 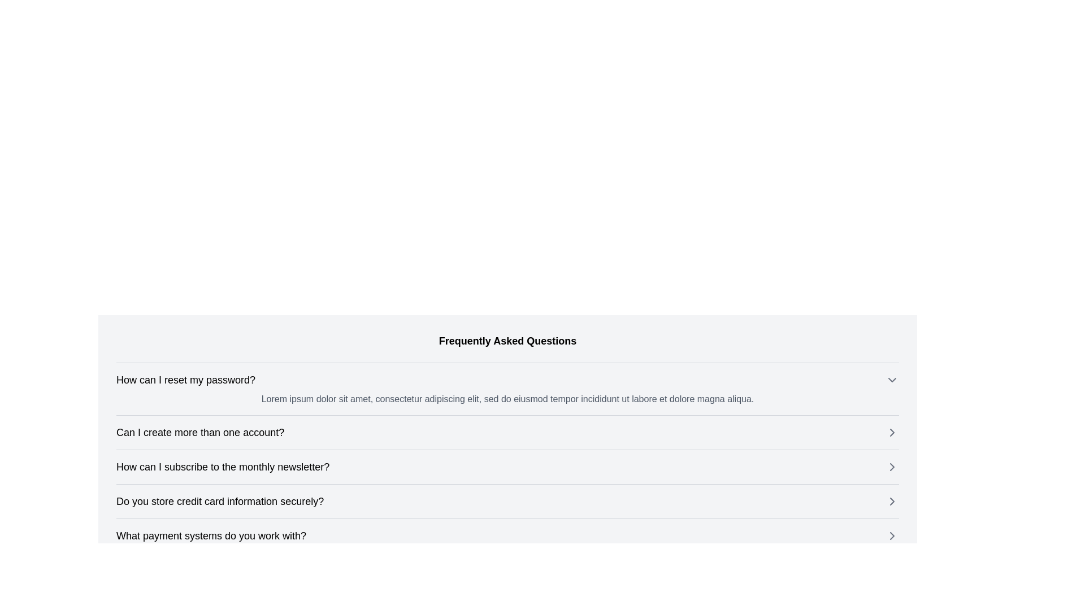 What do you see at coordinates (892, 432) in the screenshot?
I see `the right-facing chevron icon, which is gray and positioned to the far right of the question 'Can I create more than one account?'` at bounding box center [892, 432].